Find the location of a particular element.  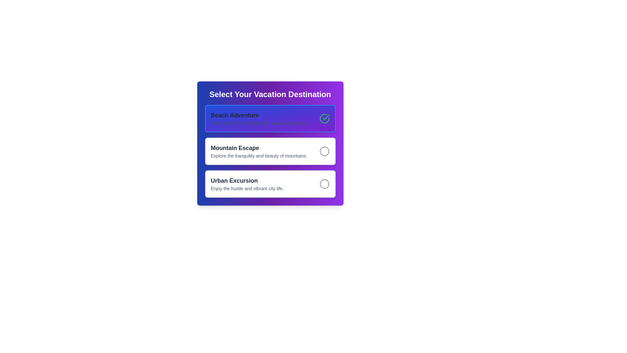

the third radio button labeled 'Urban Excursion' in the vertical list is located at coordinates (270, 184).